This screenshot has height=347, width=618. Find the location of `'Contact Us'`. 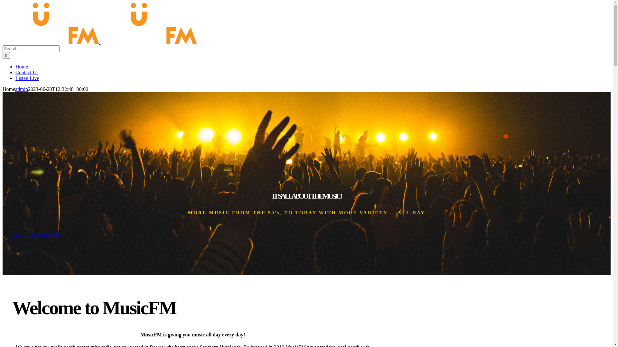

'Contact Us' is located at coordinates (26, 72).